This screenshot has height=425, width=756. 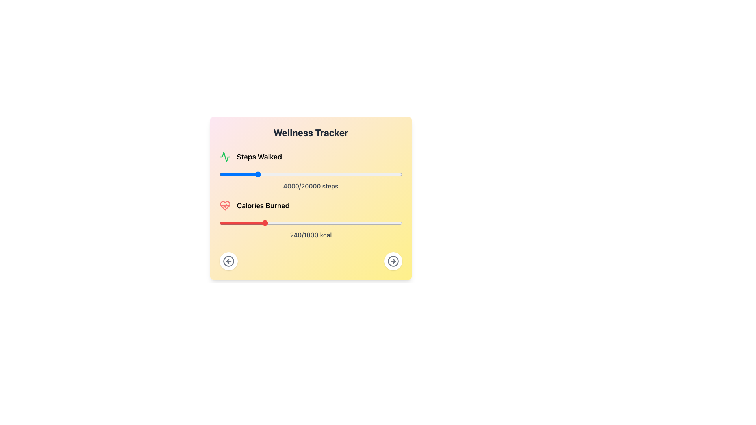 What do you see at coordinates (343, 174) in the screenshot?
I see `the 'Steps Walked' slider` at bounding box center [343, 174].